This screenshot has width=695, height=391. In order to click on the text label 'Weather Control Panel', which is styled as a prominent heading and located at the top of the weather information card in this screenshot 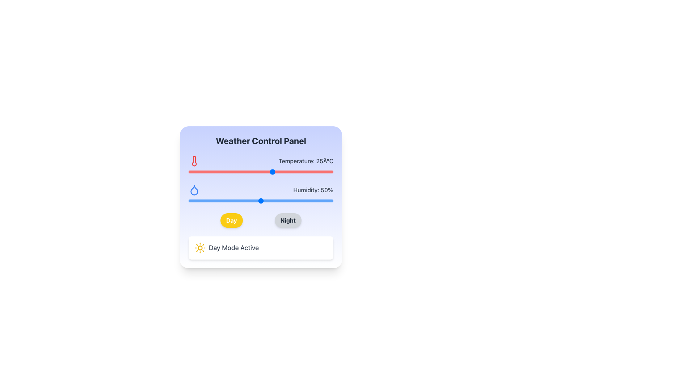, I will do `click(261, 141)`.